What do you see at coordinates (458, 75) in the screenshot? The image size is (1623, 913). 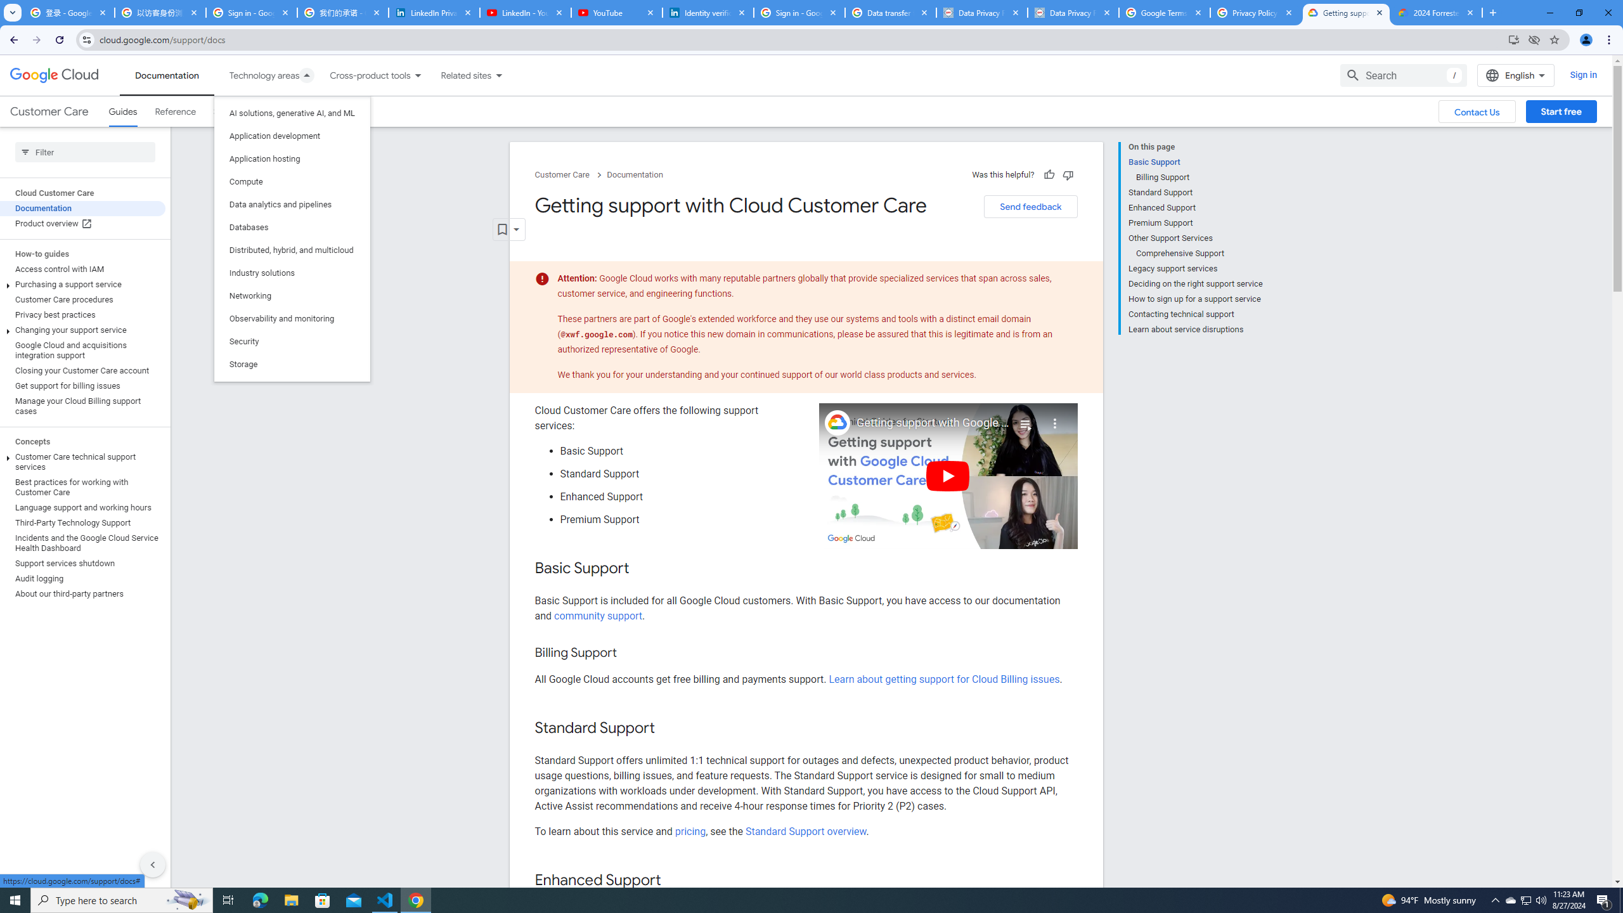 I see `'Related sites'` at bounding box center [458, 75].